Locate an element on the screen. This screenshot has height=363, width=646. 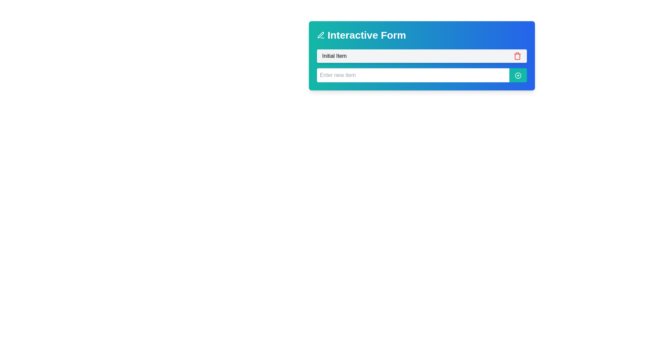
the SVG Circle that serves as a decorative or interactive icon, located in the top-right area of the second text input field adjacent to the 'Enter new item' placeholder is located at coordinates (517, 75).